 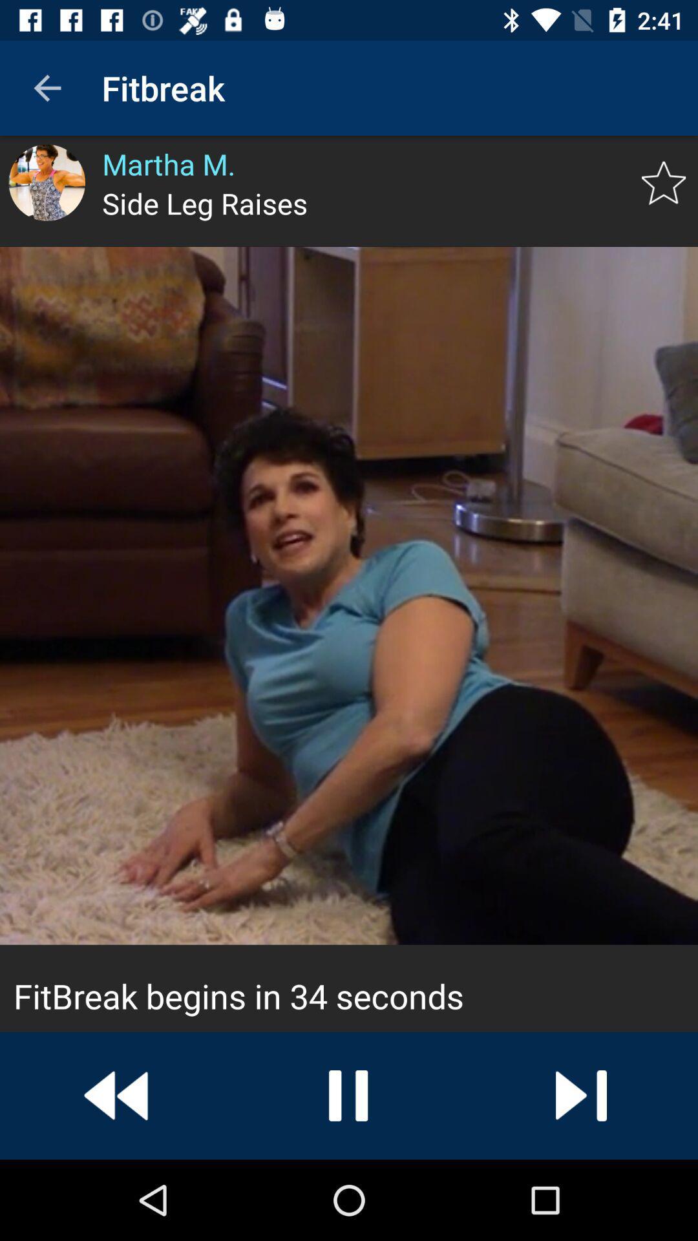 I want to click on item next to fitbreak app, so click(x=47, y=87).